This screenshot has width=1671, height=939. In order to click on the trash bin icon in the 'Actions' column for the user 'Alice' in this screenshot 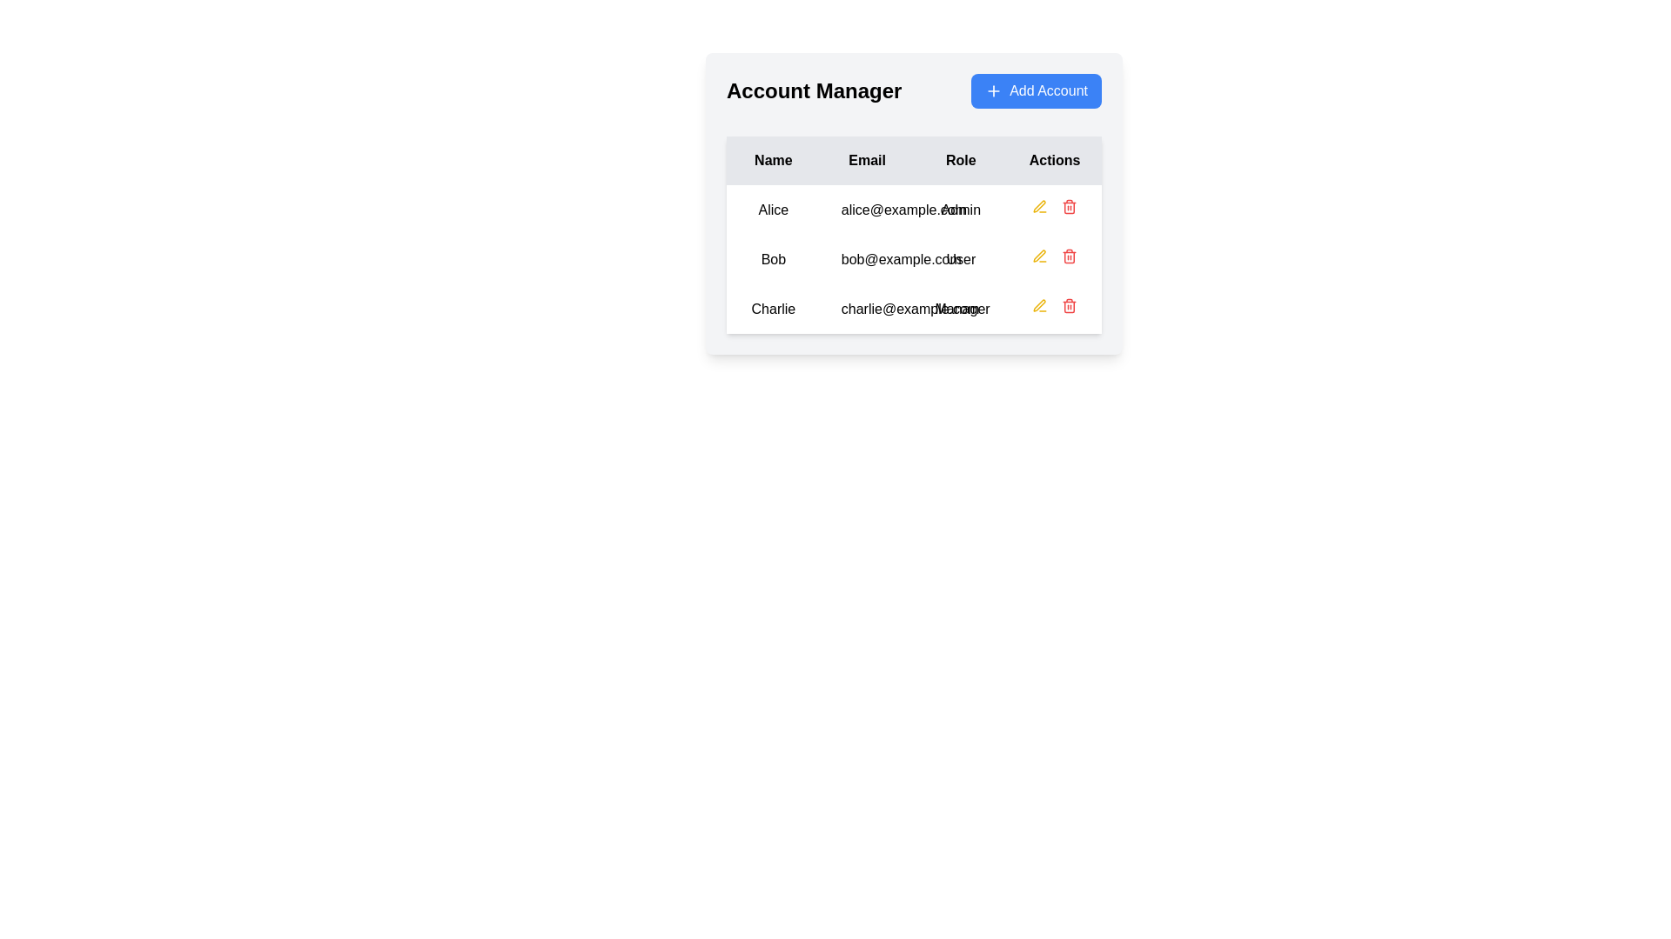, I will do `click(1054, 209)`.